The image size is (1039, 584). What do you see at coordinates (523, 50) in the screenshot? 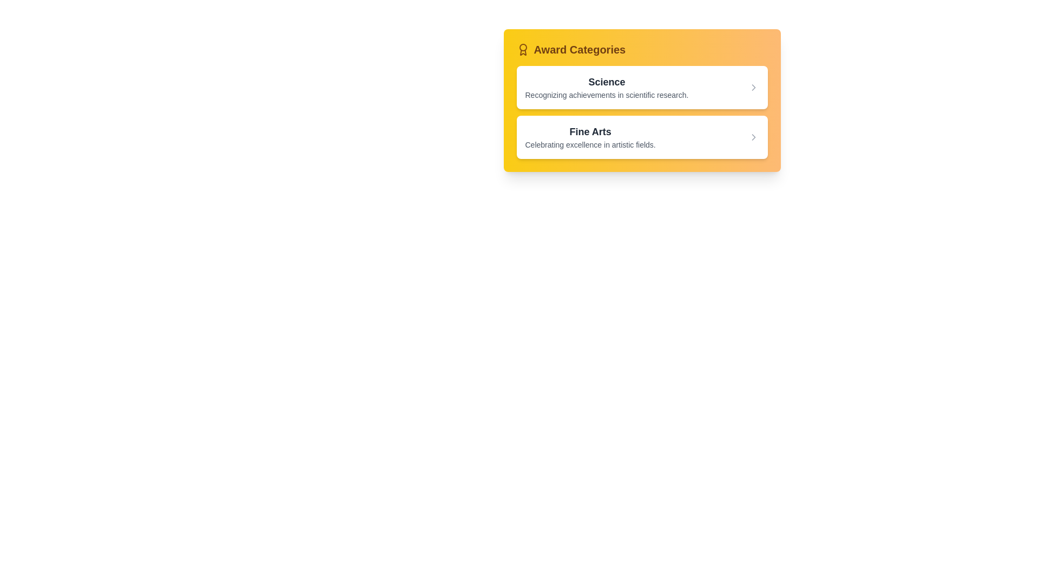
I see `the awards icon located at the top-left corner of the yellow-highlighted block header labeled 'Award Categories.'` at bounding box center [523, 50].